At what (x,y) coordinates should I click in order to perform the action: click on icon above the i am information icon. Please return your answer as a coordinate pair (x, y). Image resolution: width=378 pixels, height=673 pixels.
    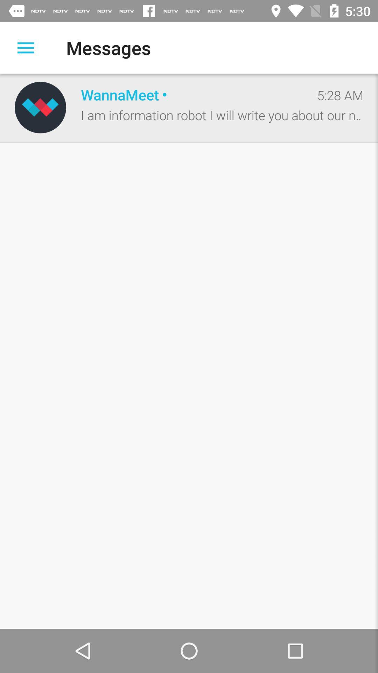
    Looking at the image, I should click on (340, 95).